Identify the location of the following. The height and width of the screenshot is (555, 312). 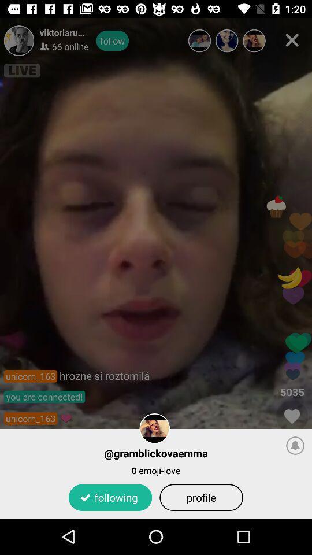
(110, 497).